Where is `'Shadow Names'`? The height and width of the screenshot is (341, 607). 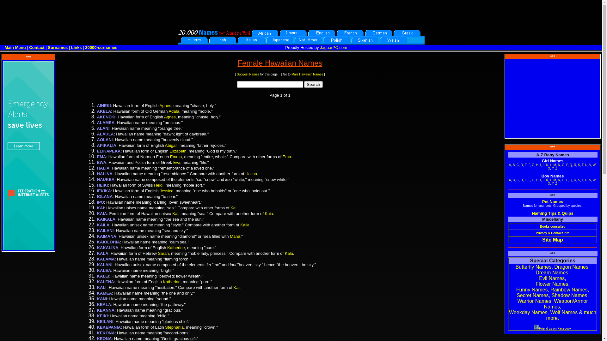 'Shadow Names' is located at coordinates (569, 295).